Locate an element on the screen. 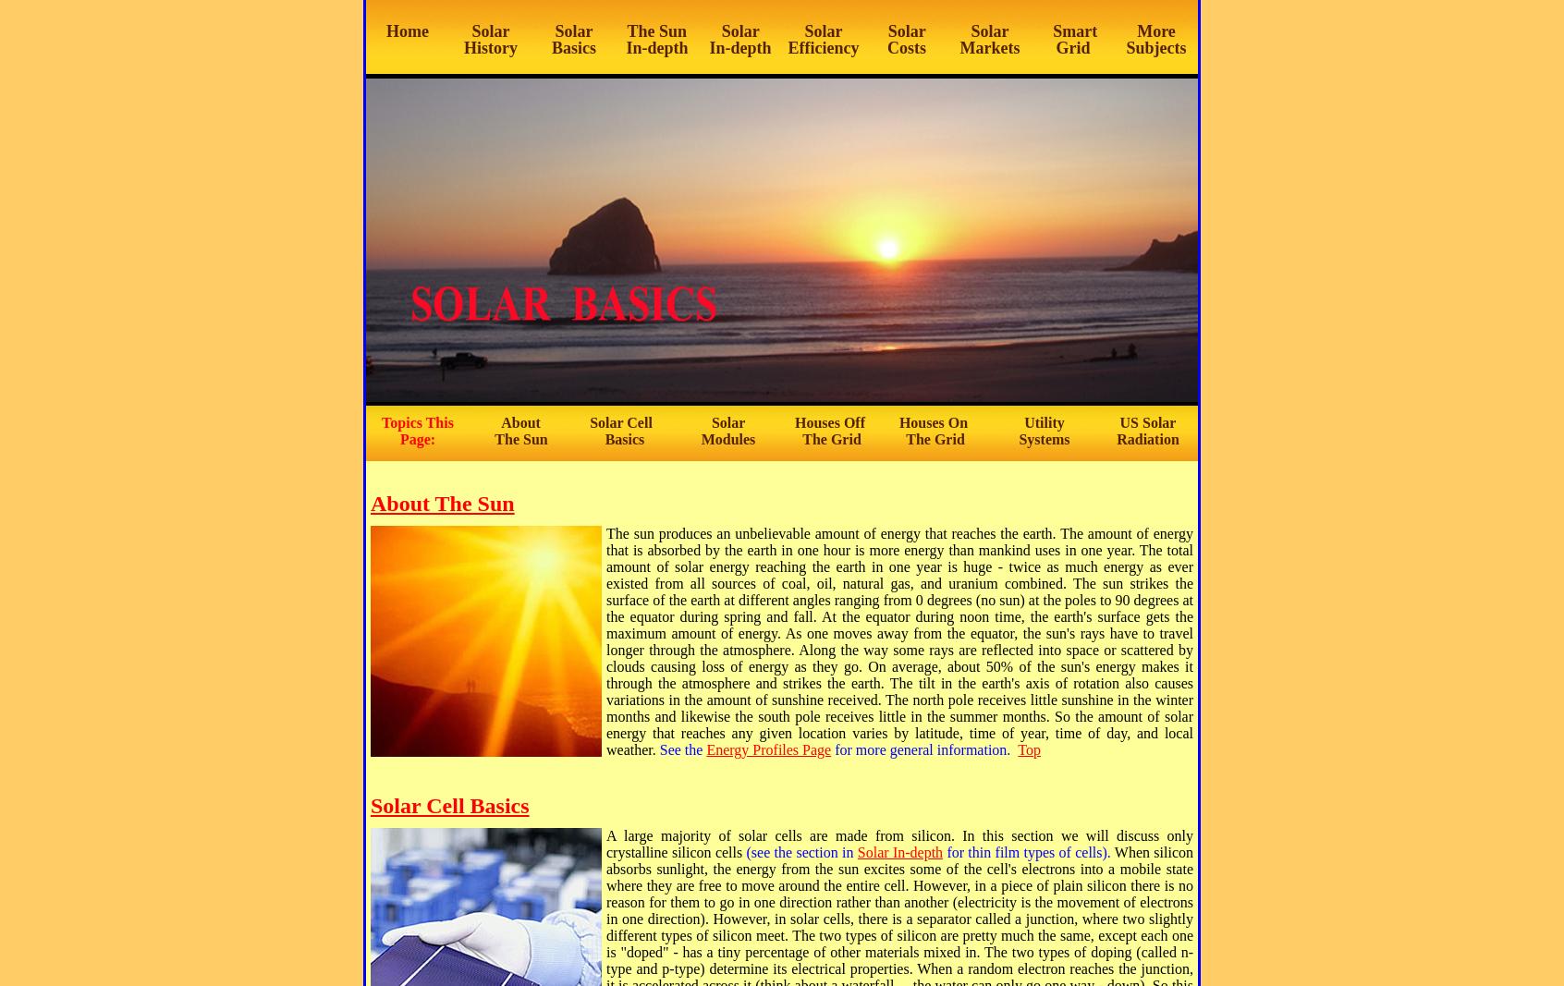 The image size is (1564, 986). 'See the' is located at coordinates (679, 749).